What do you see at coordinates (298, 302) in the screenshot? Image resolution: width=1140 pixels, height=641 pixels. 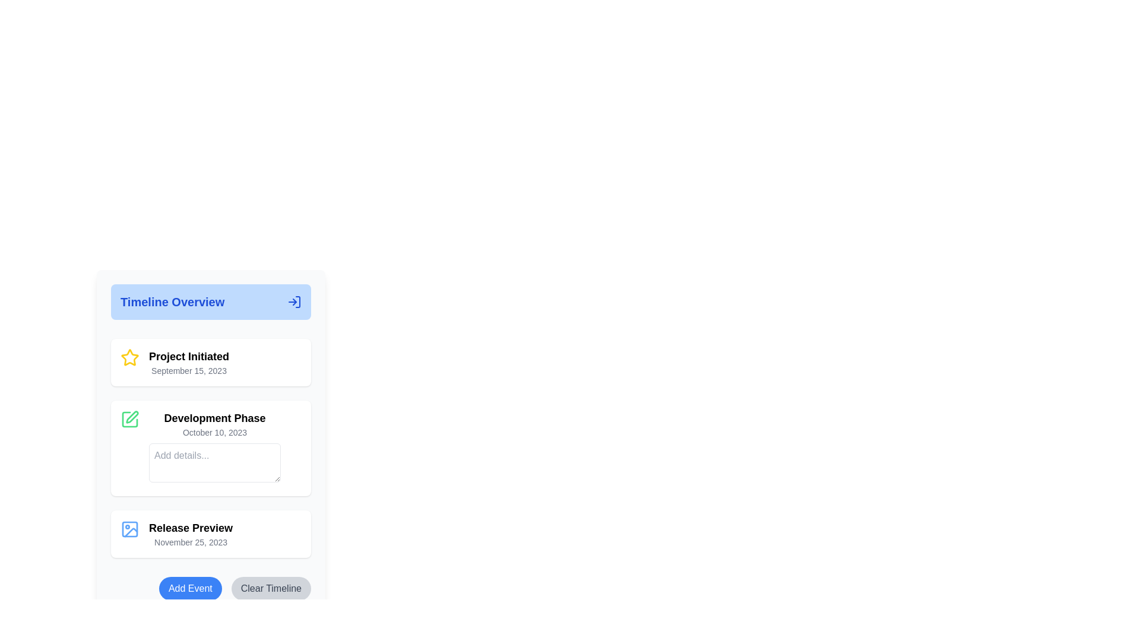 I see `the right vertical stroke of the SVG icon that is part of the 'Timeline Overview' header` at bounding box center [298, 302].